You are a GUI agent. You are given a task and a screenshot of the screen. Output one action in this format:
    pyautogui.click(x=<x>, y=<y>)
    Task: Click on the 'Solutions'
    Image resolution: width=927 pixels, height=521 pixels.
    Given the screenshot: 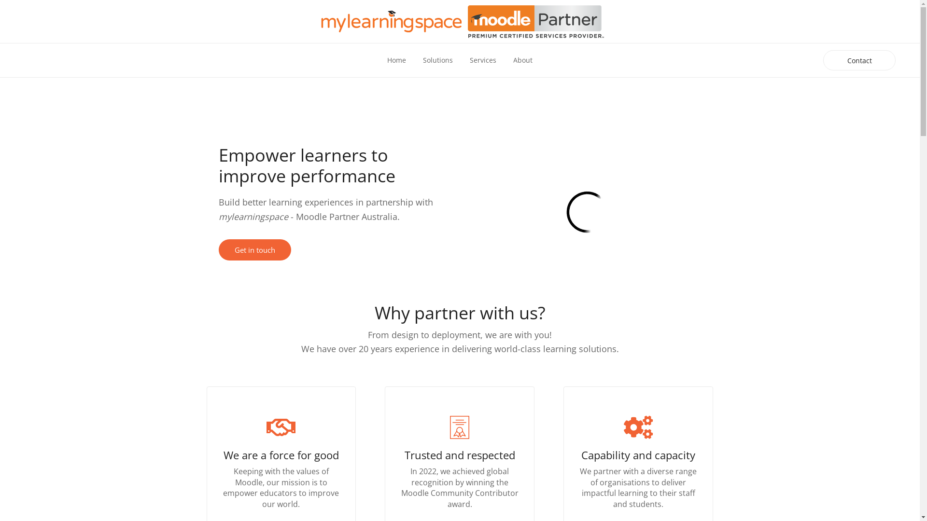 What is the action you would take?
    pyautogui.click(x=422, y=60)
    